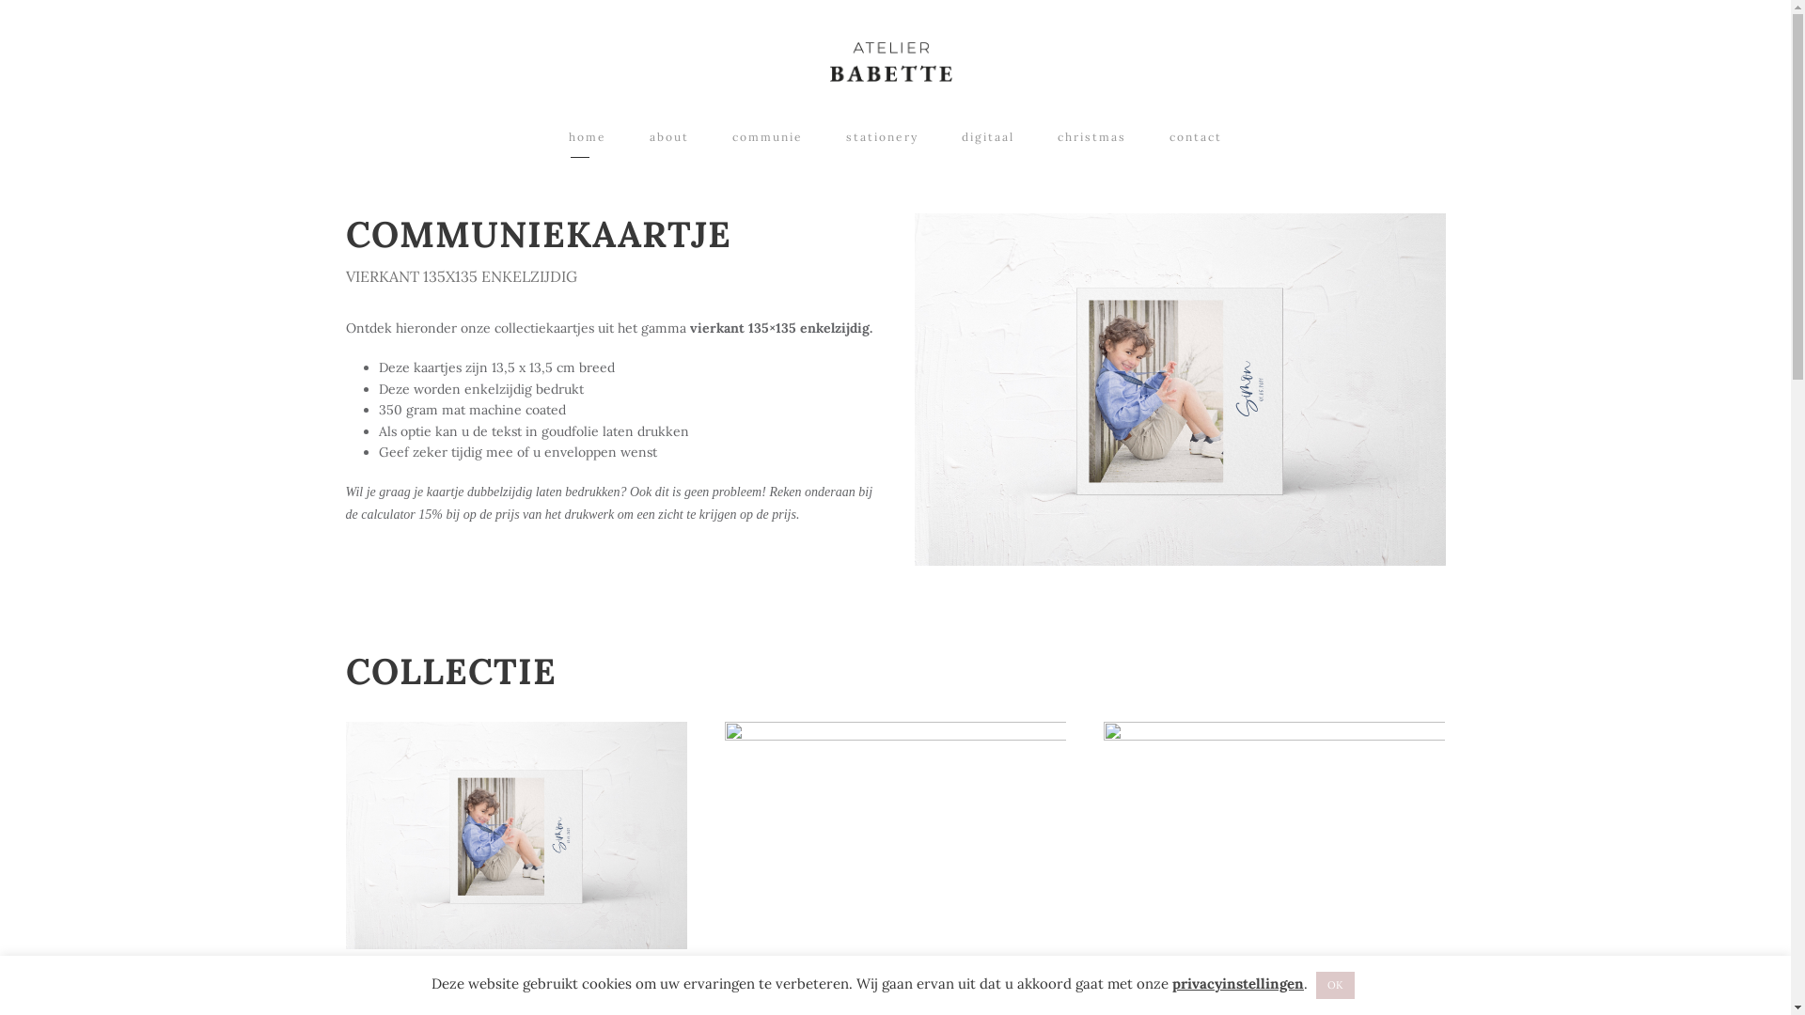 This screenshot has height=1015, width=1805. I want to click on 'contact', so click(1195, 140).